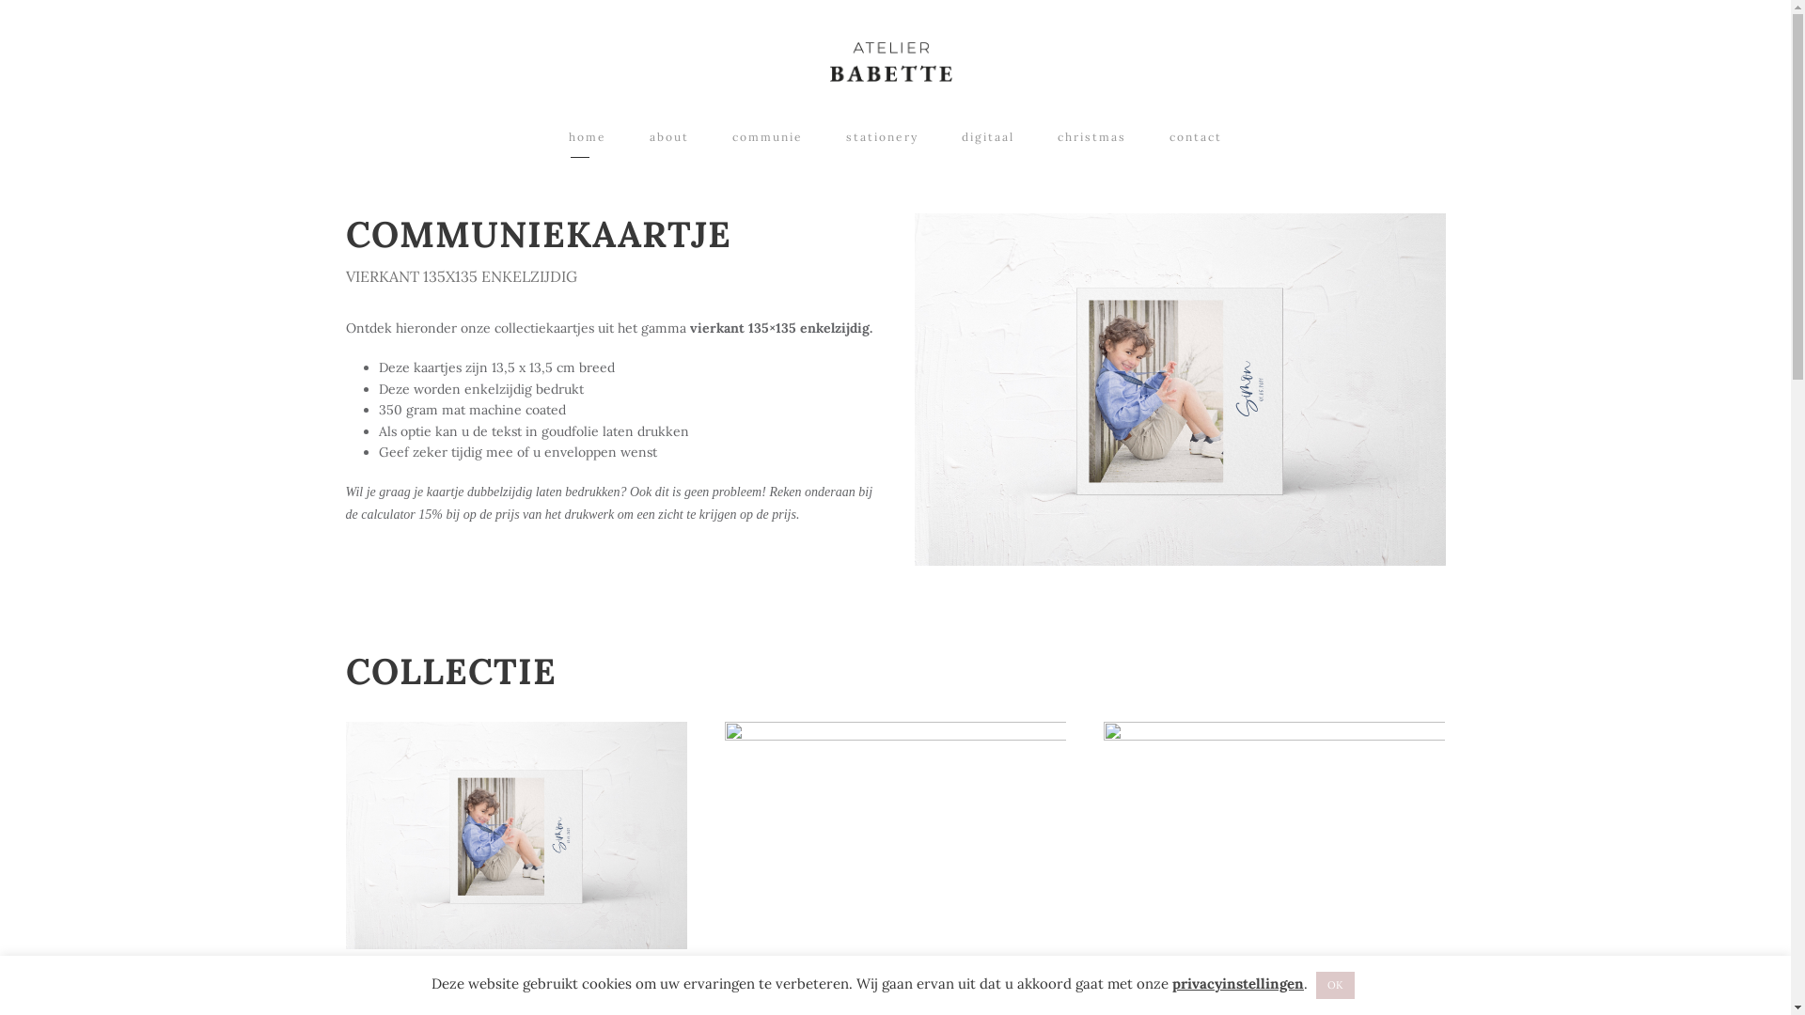 This screenshot has height=1015, width=1805. I want to click on 'contact', so click(1195, 140).